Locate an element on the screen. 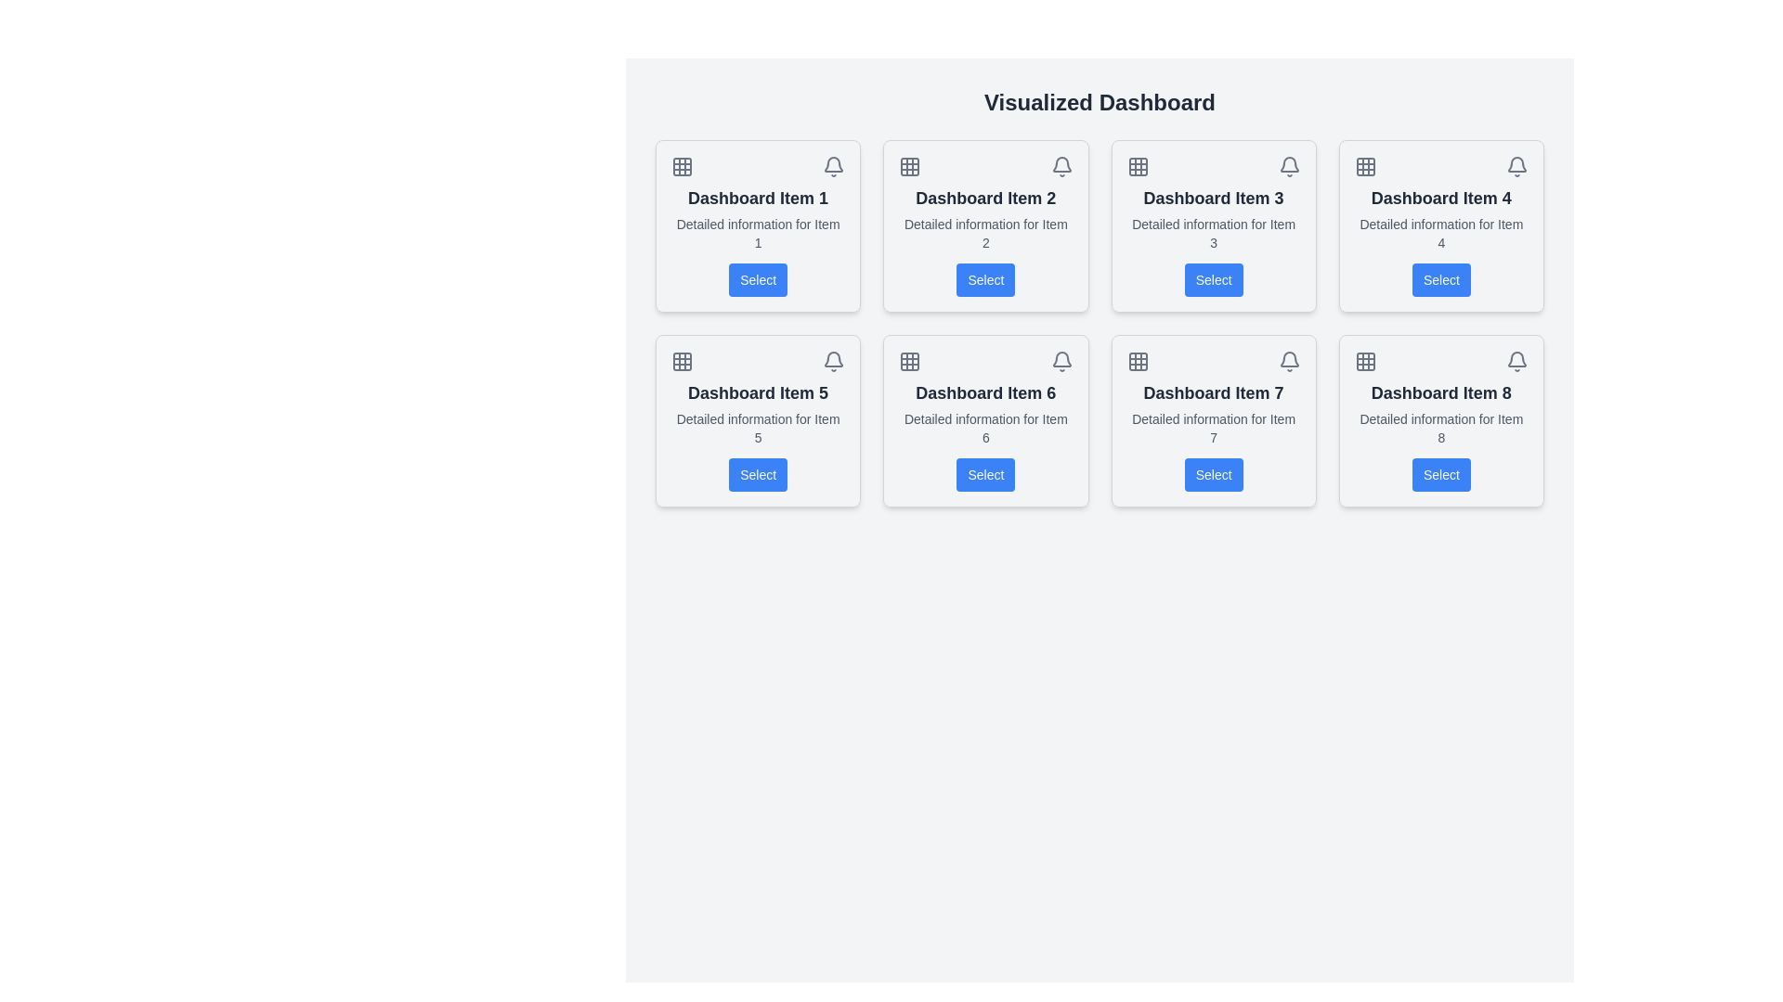 The width and height of the screenshot is (1783, 1002). the notification bell icon located in the top-right corner of the card labeled 'Dashboard Item 8' is located at coordinates (1516, 361).